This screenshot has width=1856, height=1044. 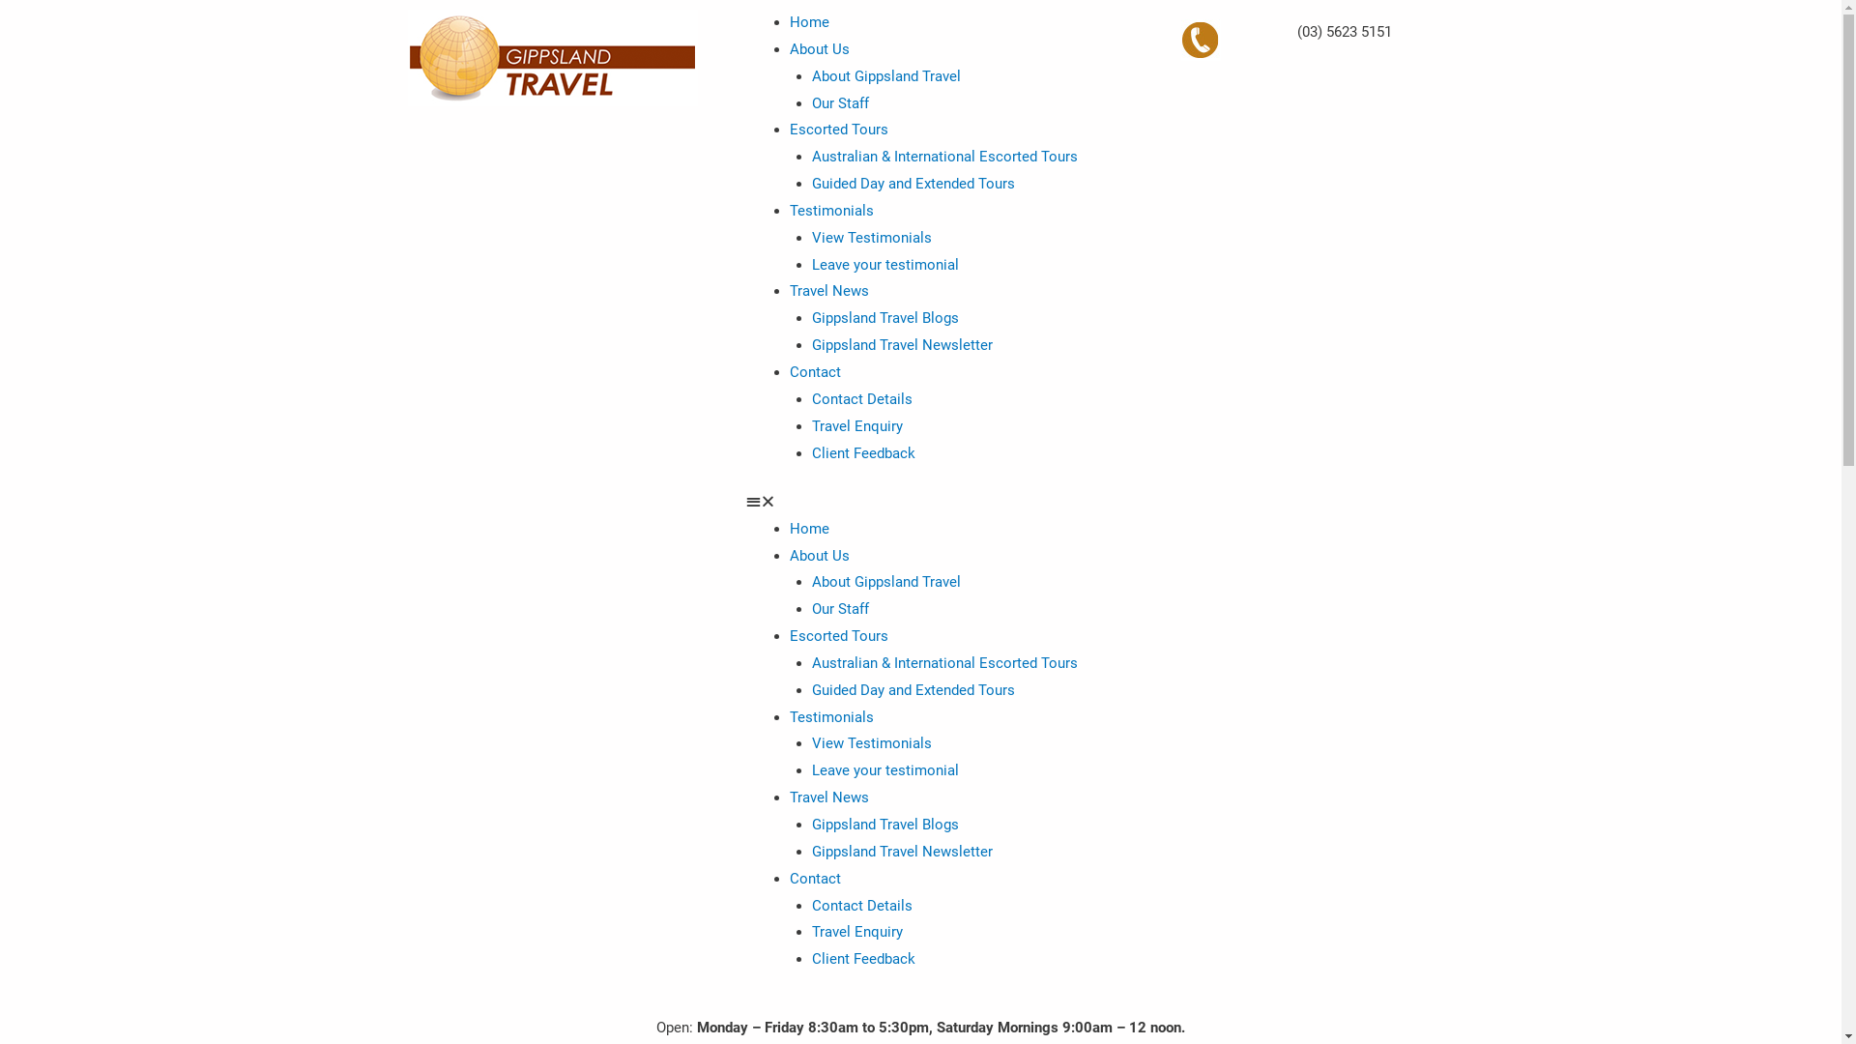 I want to click on 'Our Staff', so click(x=840, y=103).